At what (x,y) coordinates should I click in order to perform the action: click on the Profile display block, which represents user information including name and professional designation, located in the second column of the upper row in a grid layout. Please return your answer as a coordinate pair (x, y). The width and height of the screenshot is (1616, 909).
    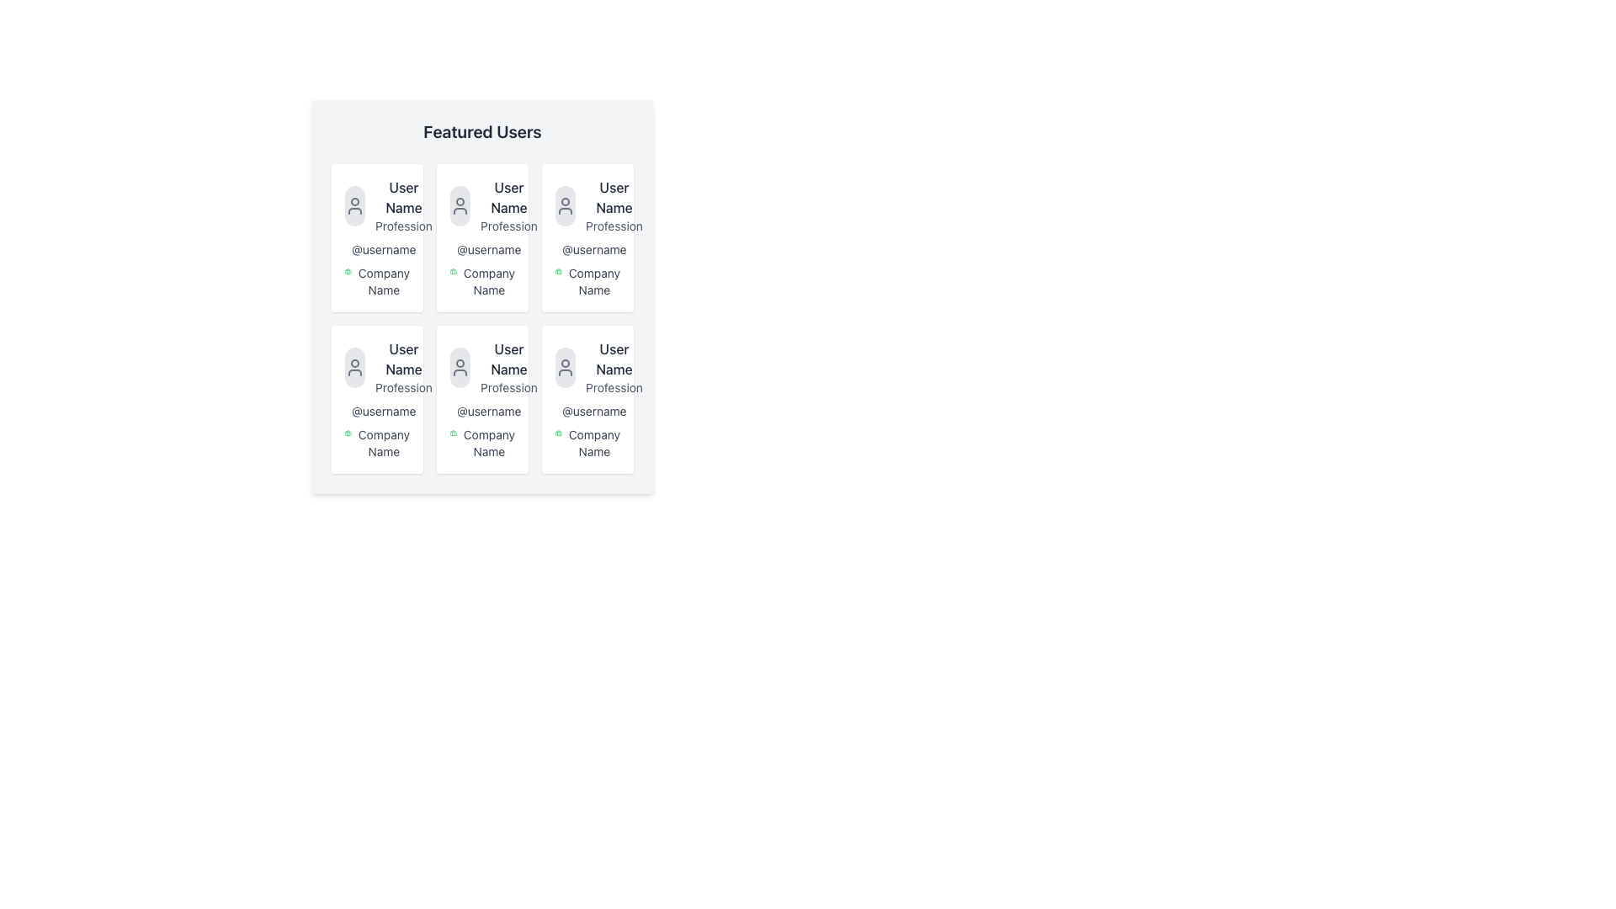
    Looking at the image, I should click on (481, 205).